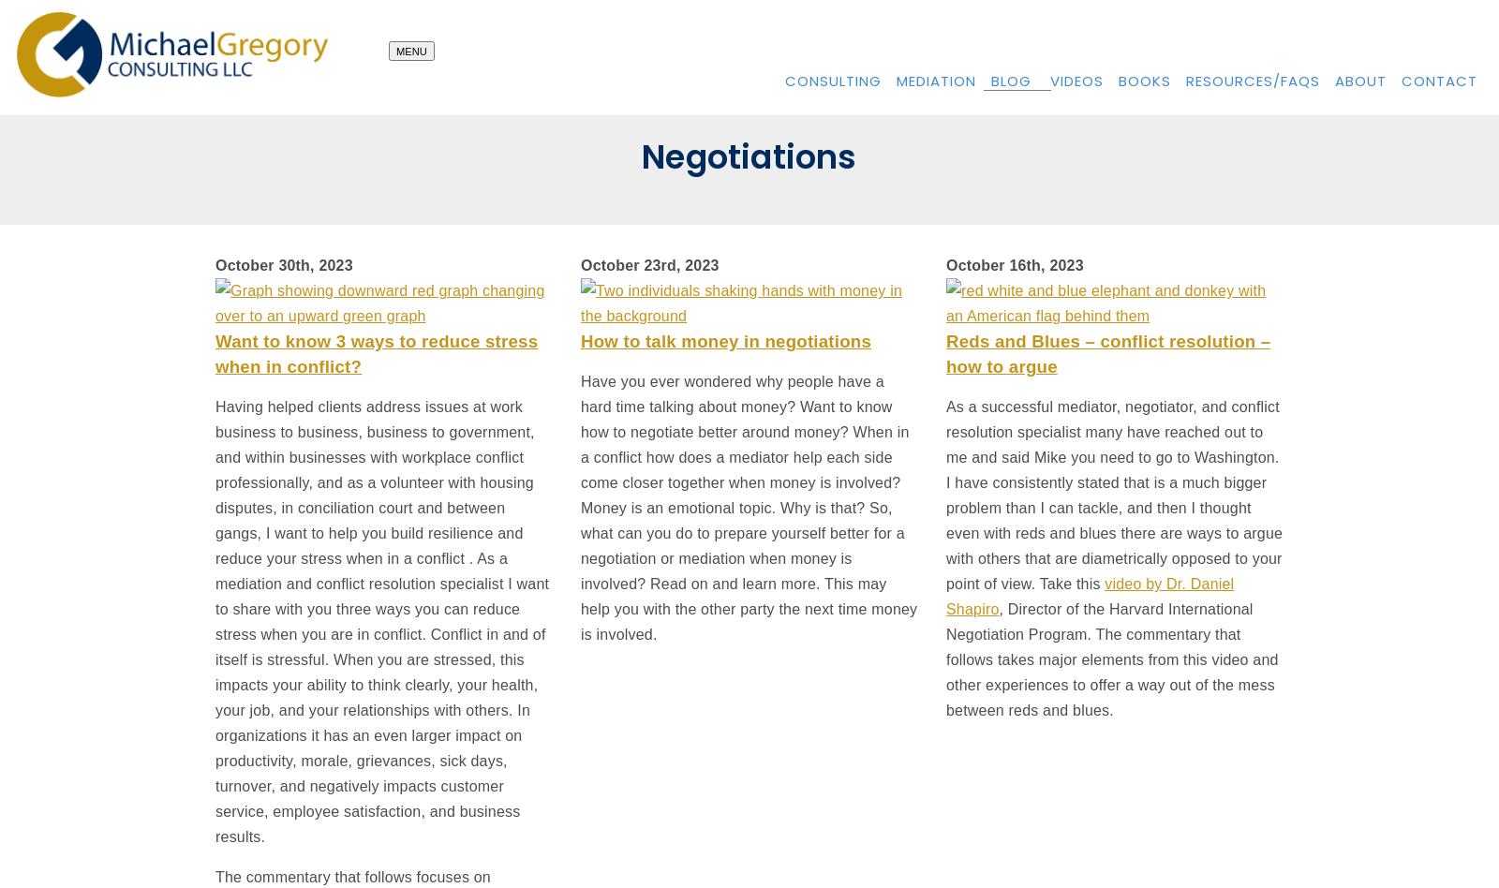 This screenshot has width=1499, height=888. Describe the element at coordinates (381, 620) in the screenshot. I see `'Having helped clients address issues at work business to business, business to government, and within businesses with workplace conflict professionally, and as a volunteer with housing disputes, in conciliation court and between gangs, I want to help you build resilience and reduce your stress when in a conflict . As a mediation and conflict resolution specialist I want to share with you three ways you can reduce stress when you are in conflict. Conflict in and of itself is stressful. When you are stressed, this impacts your ability to think clearly, your health, your job, and your relationships with others. In organizations it has an even larger impact on productivity, morale, grievances, sick days, turnover, and negatively impacts customer service, employee satisfaction, and business results.'` at that location.